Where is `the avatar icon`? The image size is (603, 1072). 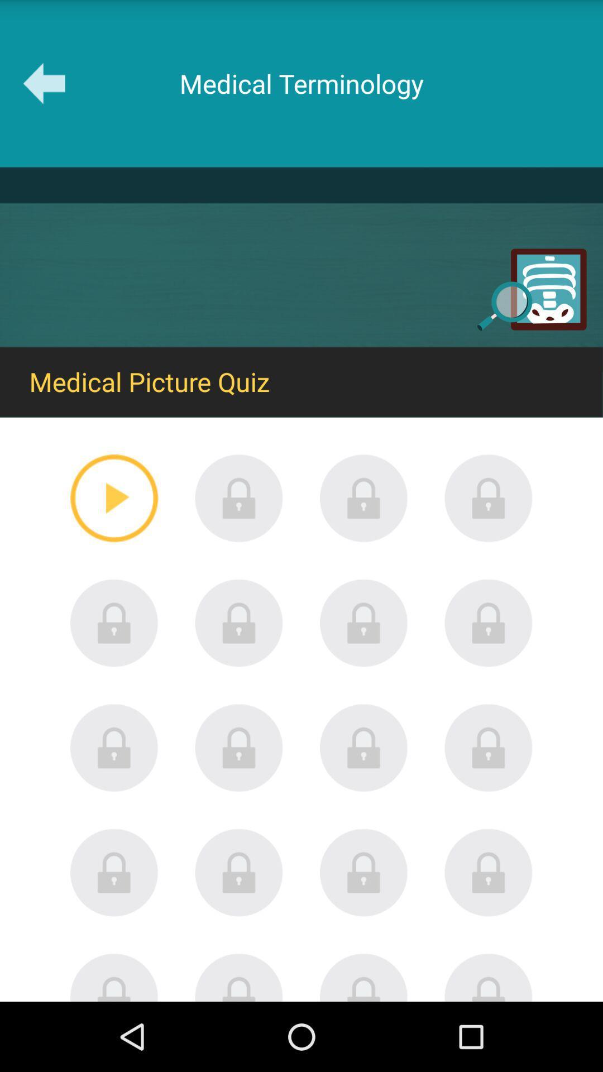
the avatar icon is located at coordinates (114, 1045).